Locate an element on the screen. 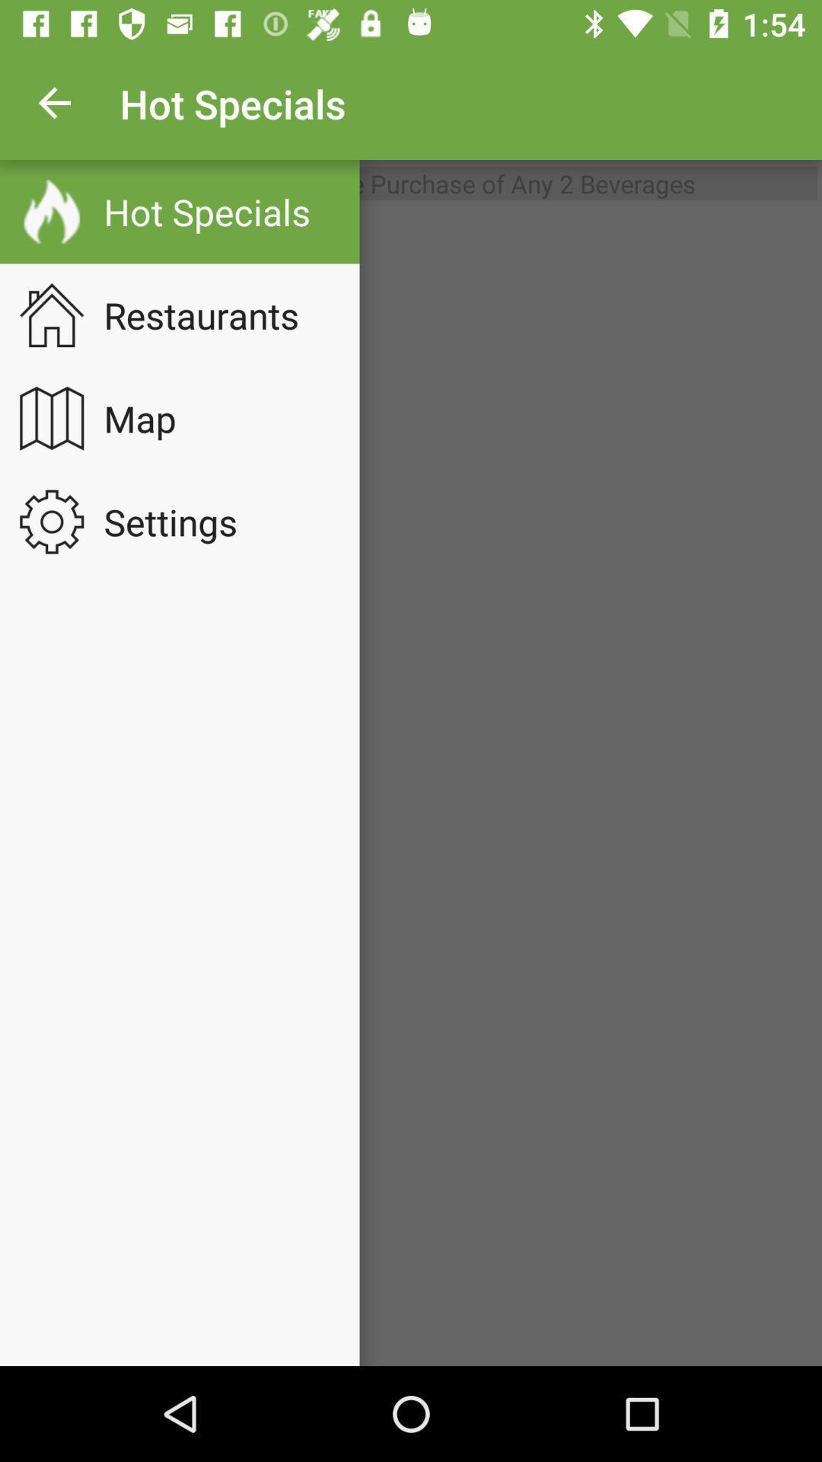  map icon is located at coordinates (150, 418).